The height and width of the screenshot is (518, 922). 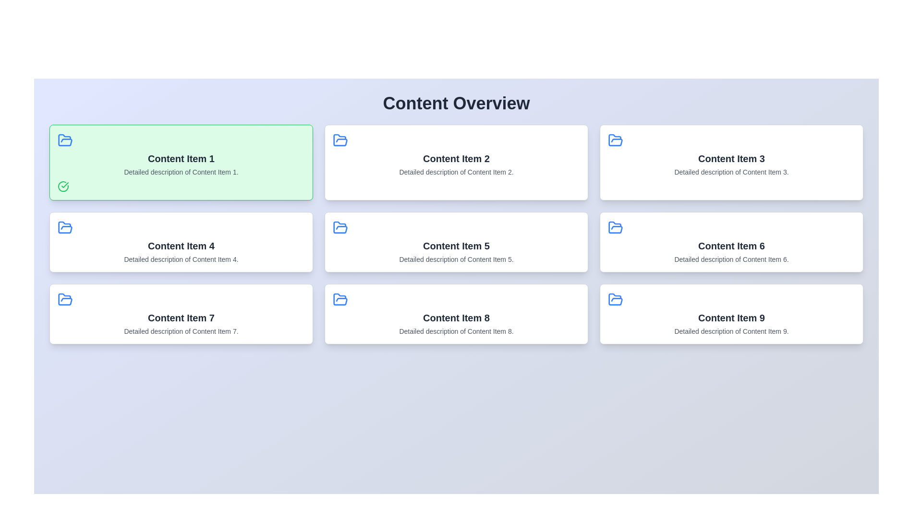 What do you see at coordinates (731, 171) in the screenshot?
I see `the descriptive text label located in the top-right section of the 'Content Item 3' card, which provides additional details about the content` at bounding box center [731, 171].